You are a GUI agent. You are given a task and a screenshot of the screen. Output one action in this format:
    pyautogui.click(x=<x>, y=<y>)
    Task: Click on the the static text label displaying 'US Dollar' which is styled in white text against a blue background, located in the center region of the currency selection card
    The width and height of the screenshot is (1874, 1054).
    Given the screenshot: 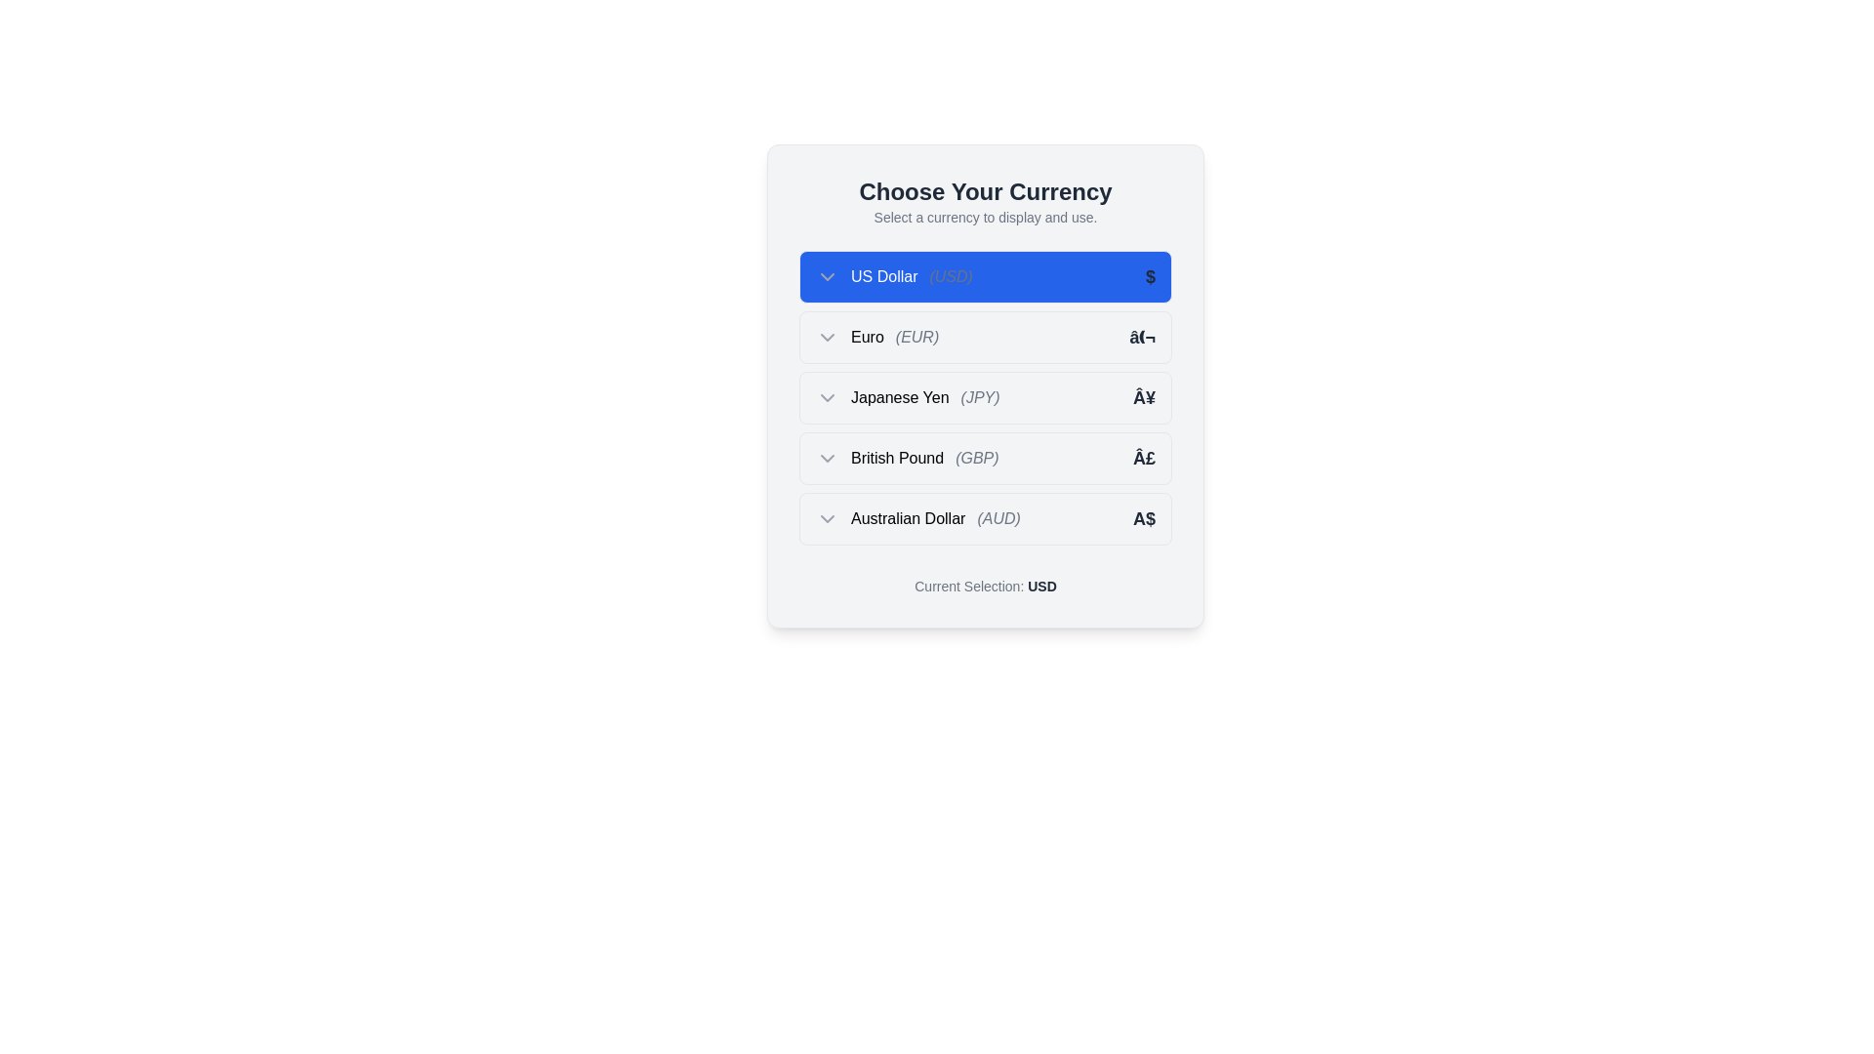 What is the action you would take?
    pyautogui.click(x=883, y=277)
    